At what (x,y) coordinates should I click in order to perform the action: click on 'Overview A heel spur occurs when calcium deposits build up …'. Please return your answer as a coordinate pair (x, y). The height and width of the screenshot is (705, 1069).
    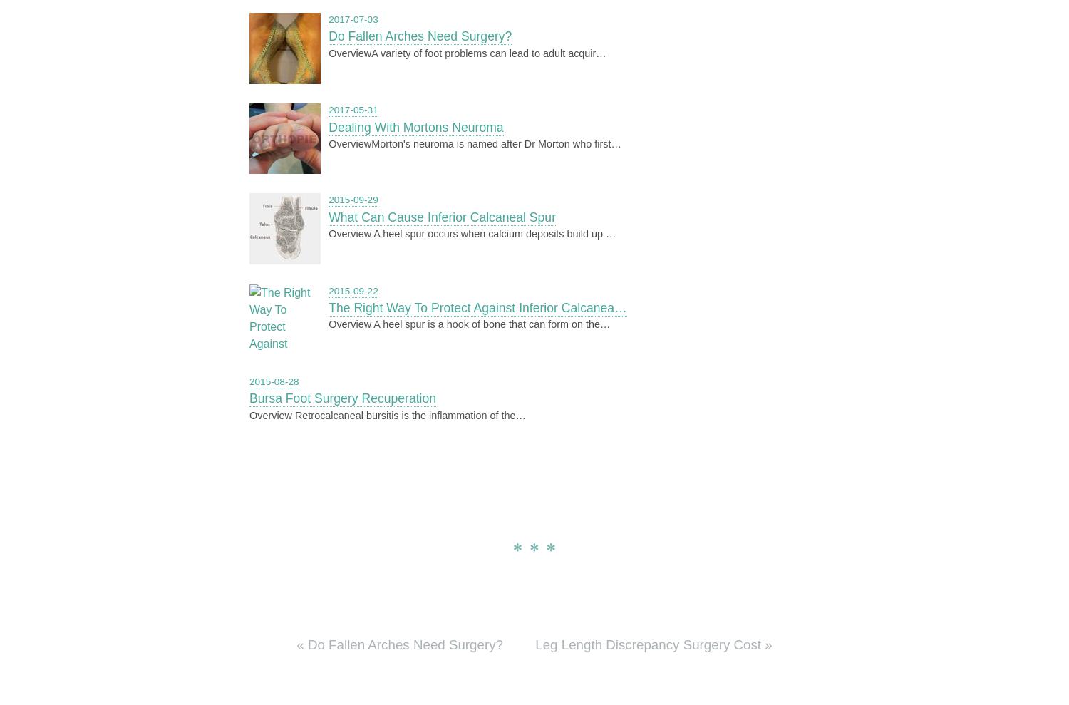
    Looking at the image, I should click on (472, 233).